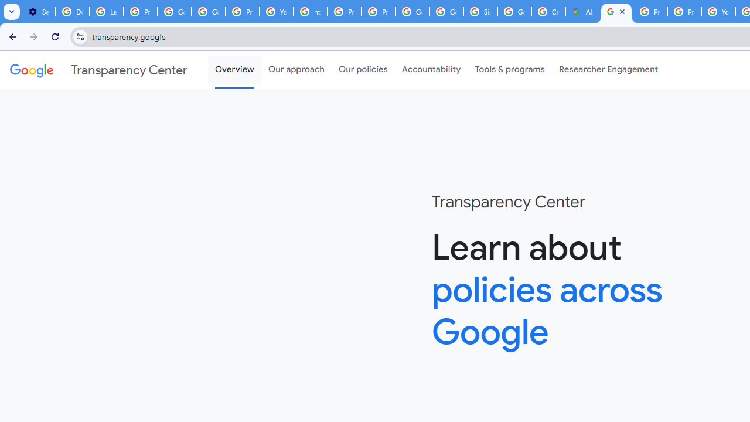  What do you see at coordinates (173, 12) in the screenshot?
I see `'Google Account Help'` at bounding box center [173, 12].